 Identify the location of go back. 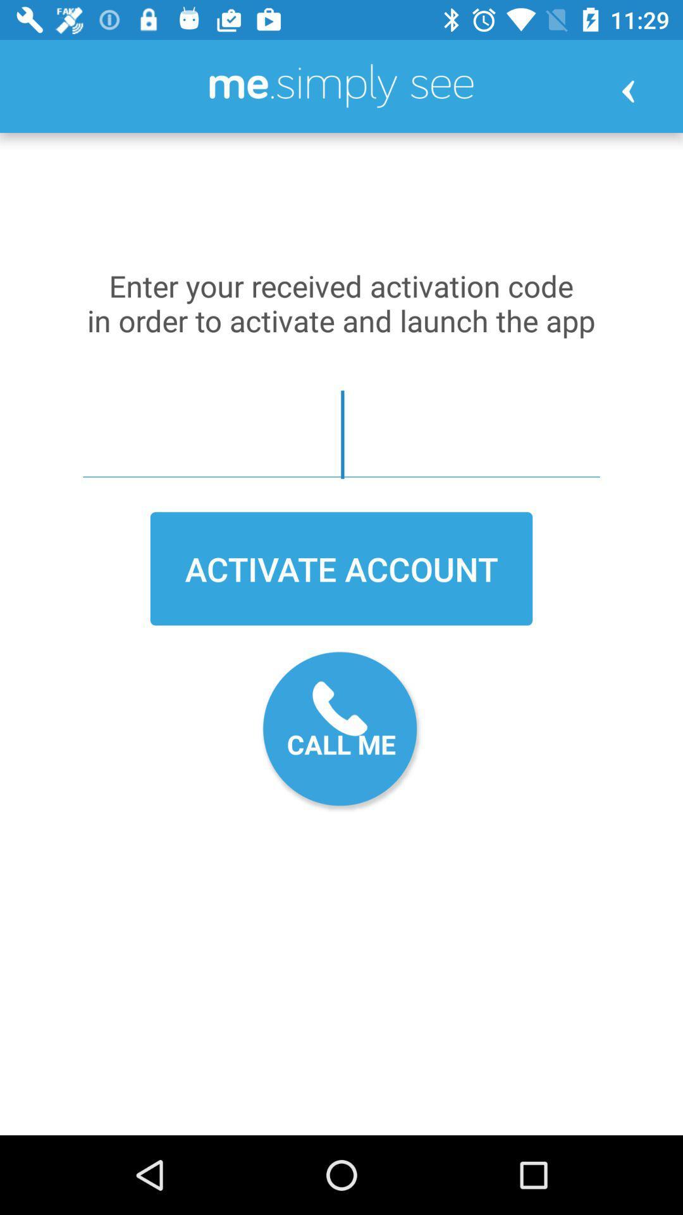
(628, 90).